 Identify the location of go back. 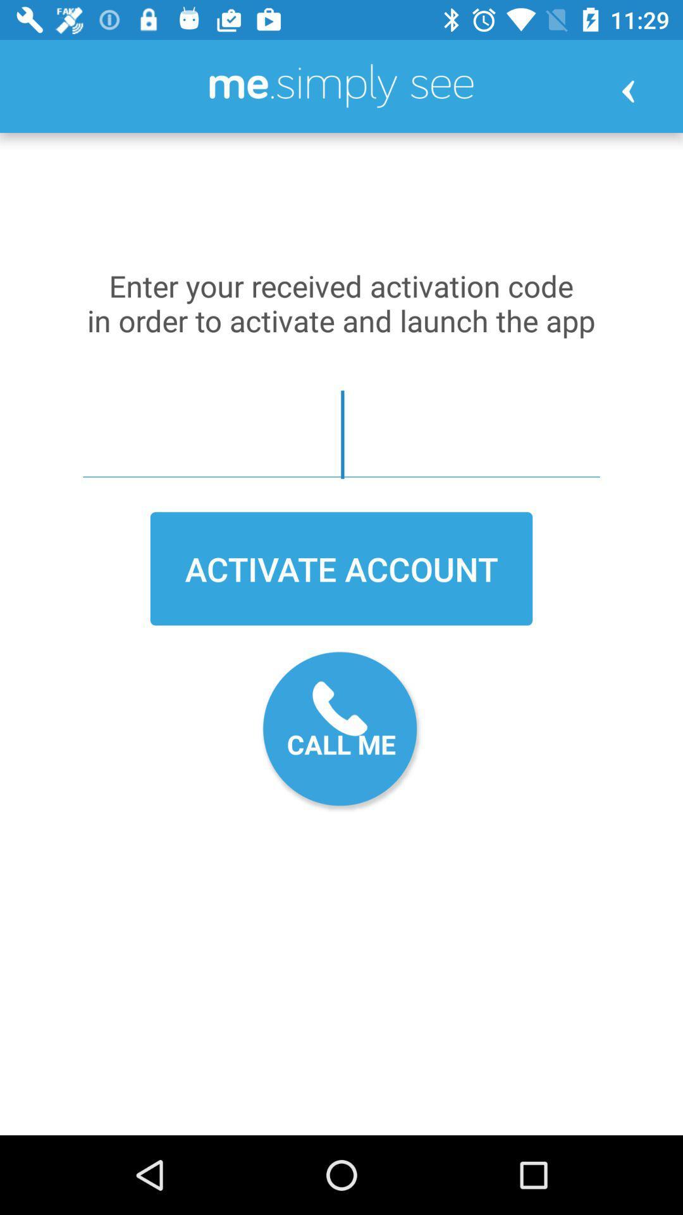
(628, 90).